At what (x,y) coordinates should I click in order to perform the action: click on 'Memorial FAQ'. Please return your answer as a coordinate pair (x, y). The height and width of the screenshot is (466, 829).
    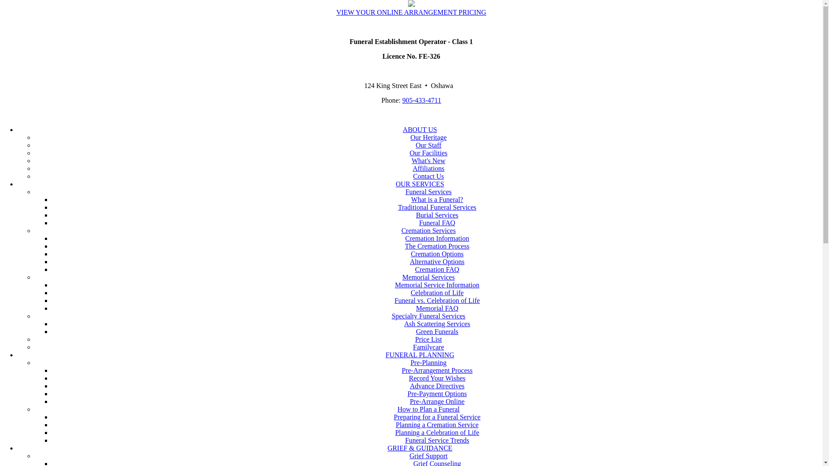
    Looking at the image, I should click on (437, 308).